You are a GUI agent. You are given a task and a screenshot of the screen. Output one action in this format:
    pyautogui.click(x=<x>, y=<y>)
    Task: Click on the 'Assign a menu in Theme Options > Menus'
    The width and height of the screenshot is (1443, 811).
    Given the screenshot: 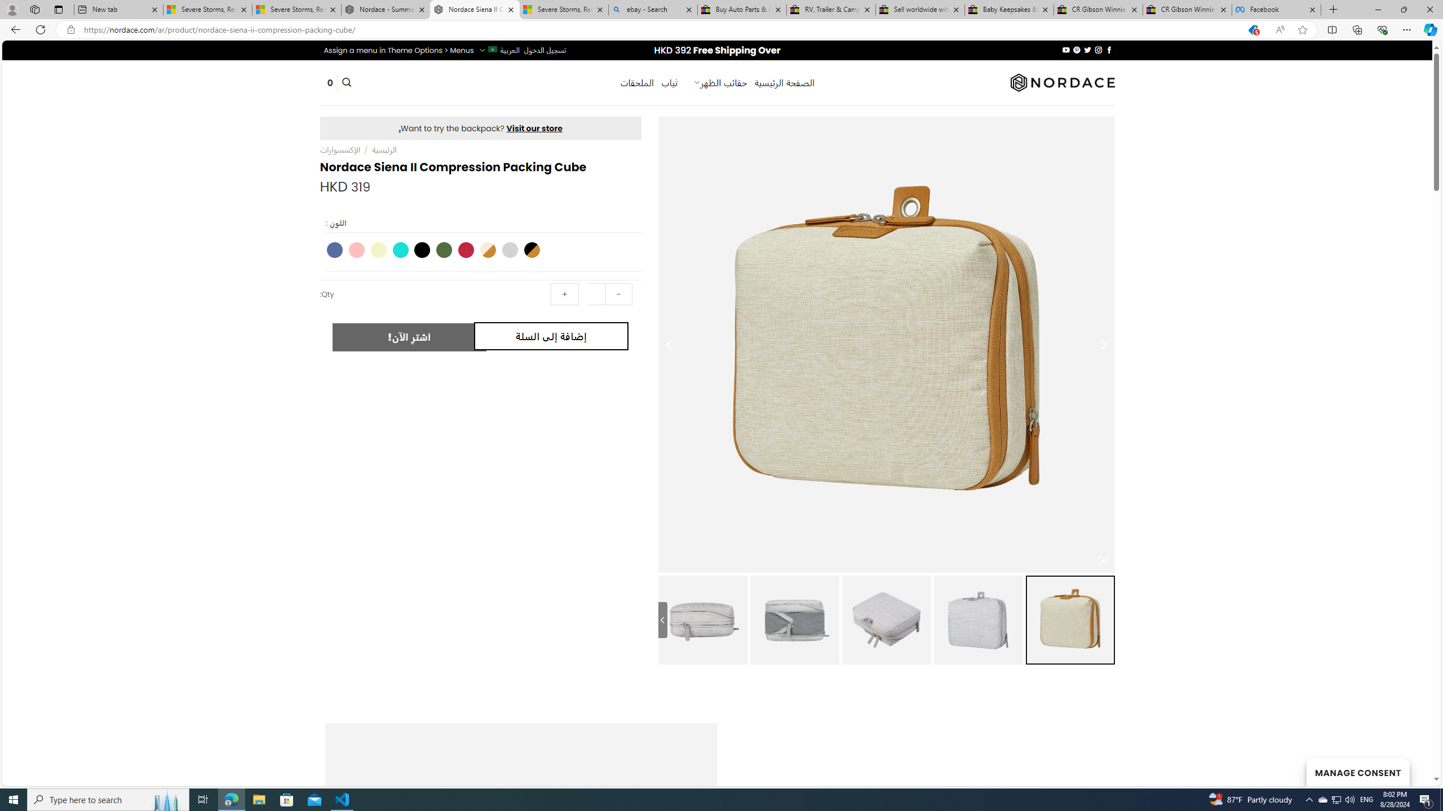 What is the action you would take?
    pyautogui.click(x=398, y=50)
    